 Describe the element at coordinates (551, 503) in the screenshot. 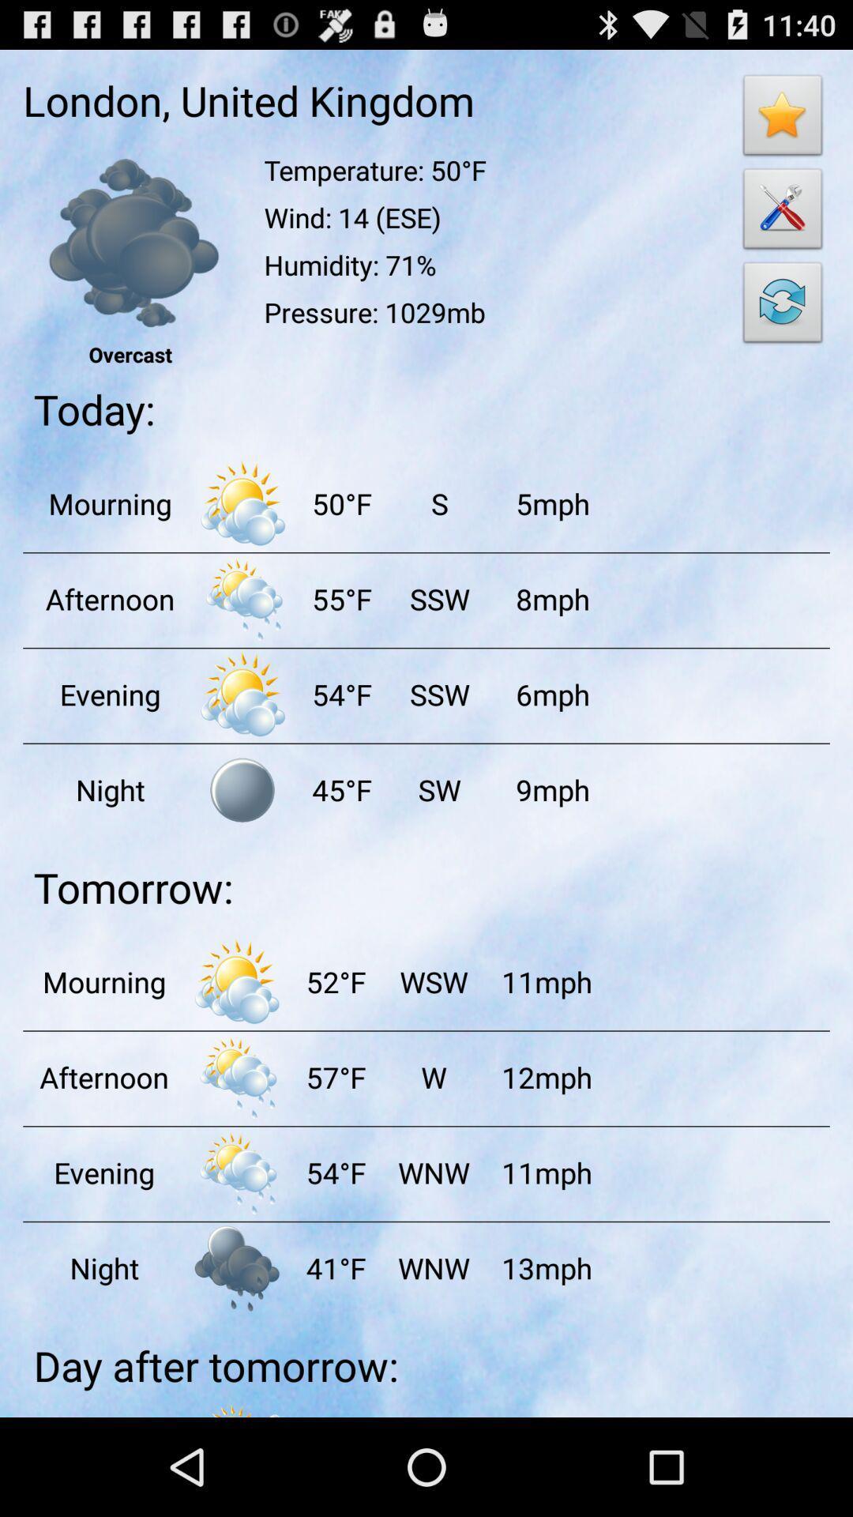

I see `the 5mph app` at that location.